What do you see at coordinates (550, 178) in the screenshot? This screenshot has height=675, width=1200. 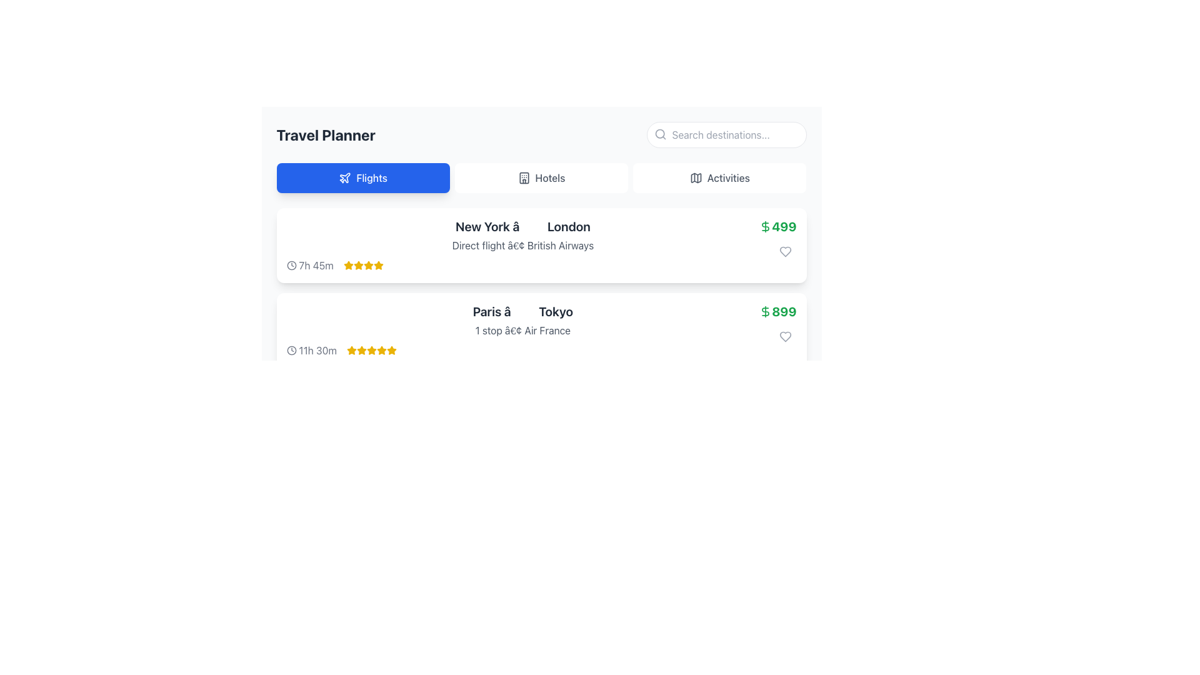 I see `the 'Hotels' text label in the navigation bar, which is marked in blue and positioned centrally between 'Flights' and 'Activities'` at bounding box center [550, 178].